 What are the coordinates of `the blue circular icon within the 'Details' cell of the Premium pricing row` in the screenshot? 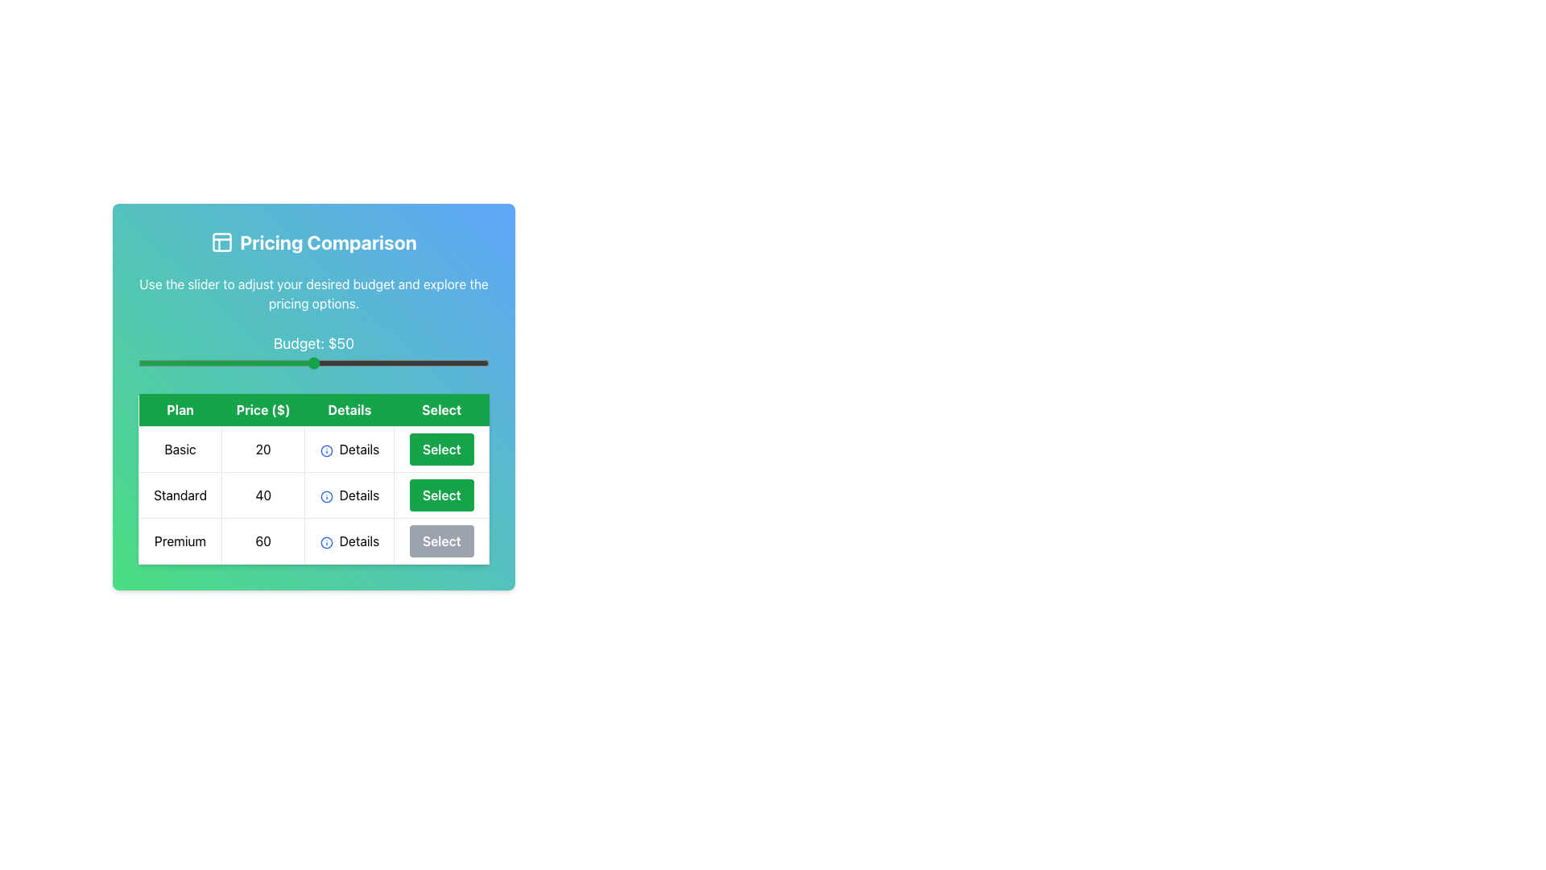 It's located at (325, 542).